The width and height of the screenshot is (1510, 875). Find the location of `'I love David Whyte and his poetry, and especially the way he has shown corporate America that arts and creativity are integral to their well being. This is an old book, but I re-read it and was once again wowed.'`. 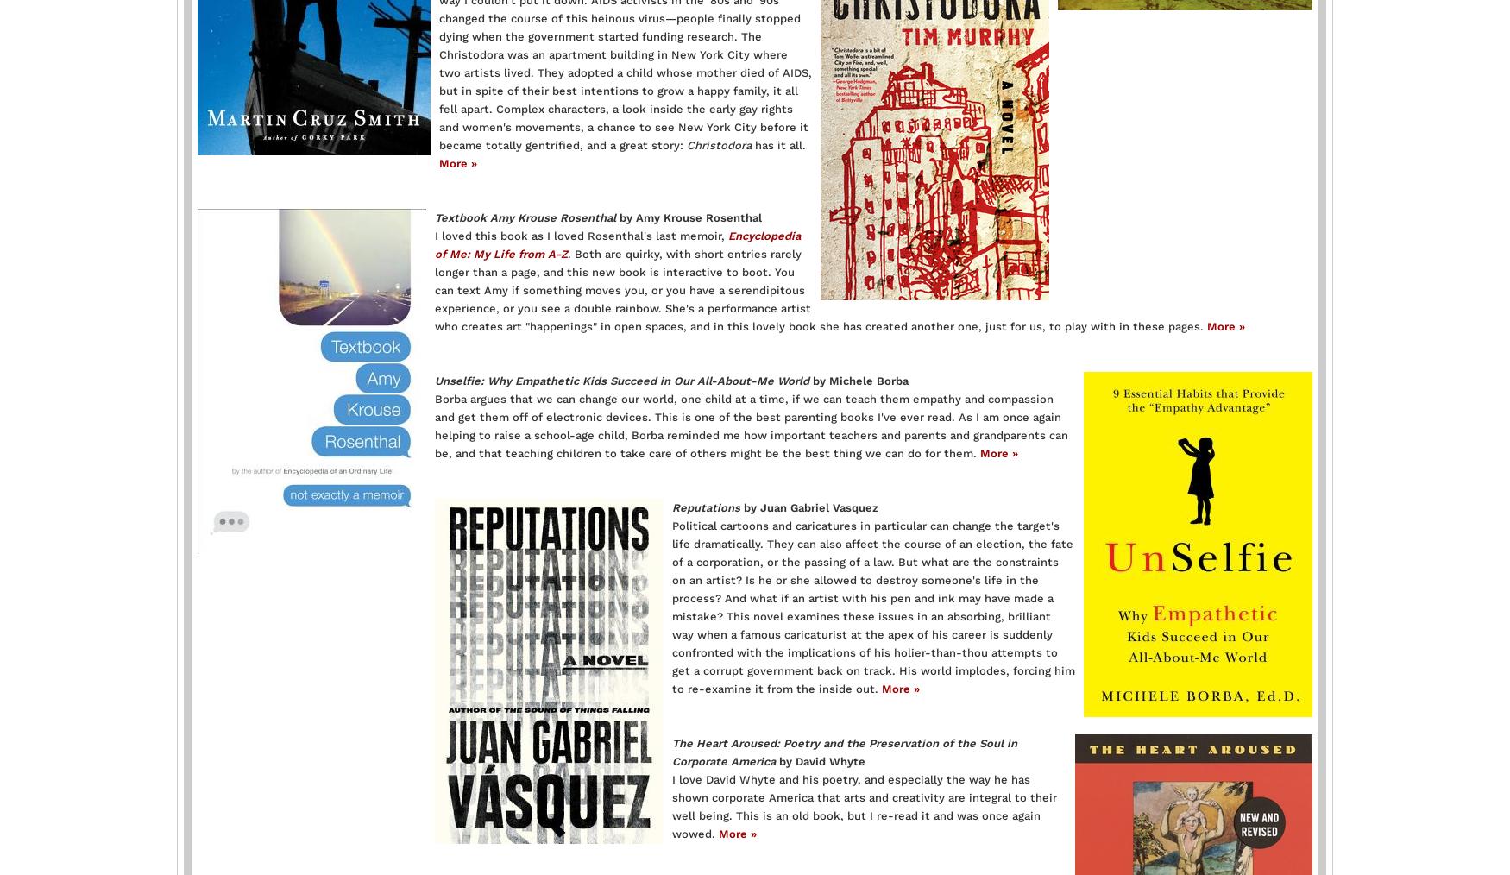

'I love David Whyte and his poetry, and especially the way he has shown corporate America that arts and creativity are integral to their well being. This is an old book, but I re-read it and was once again wowed.' is located at coordinates (864, 805).